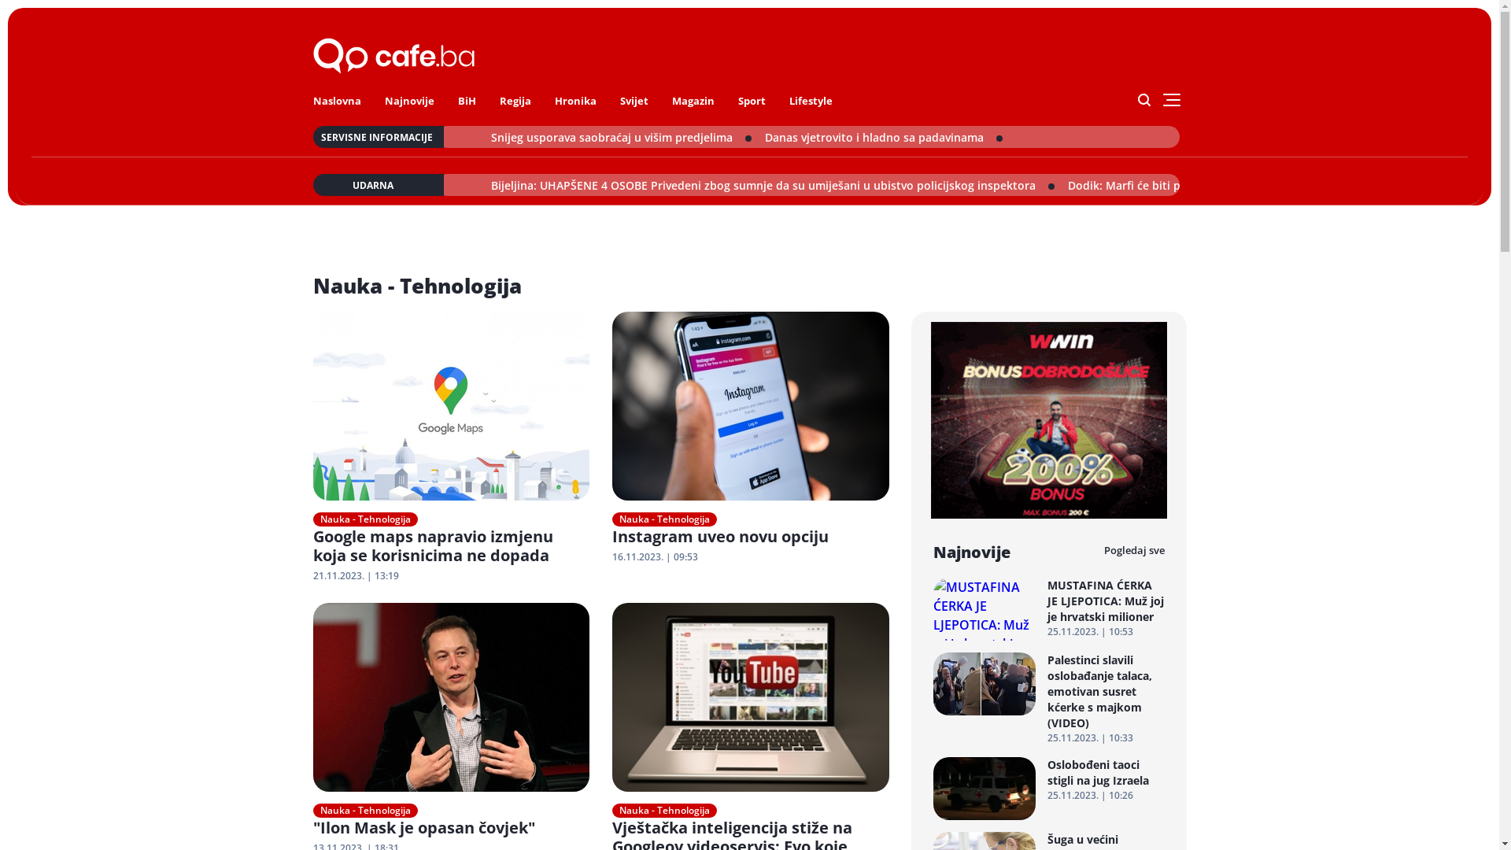 This screenshot has width=1511, height=850. I want to click on 'Sport', so click(751, 100).